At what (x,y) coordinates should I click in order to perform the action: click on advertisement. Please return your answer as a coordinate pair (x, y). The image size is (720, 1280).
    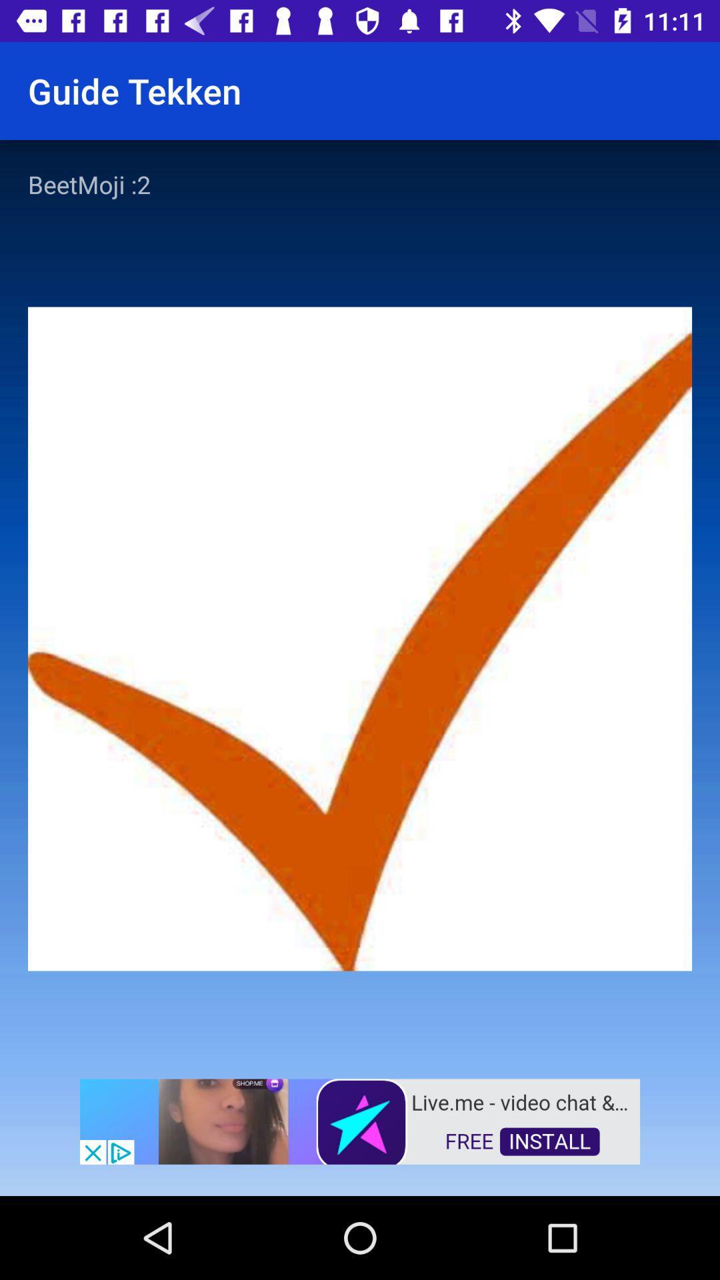
    Looking at the image, I should click on (360, 1120).